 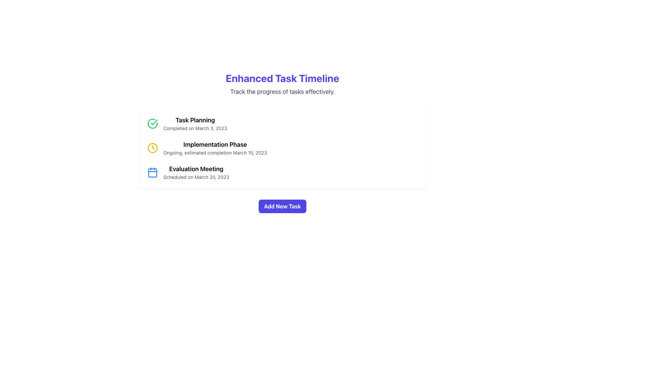 What do you see at coordinates (195, 128) in the screenshot?
I see `text fragment that says 'Completed on March 3, 2023', which is styled in a small gray font and located below the 'Task Planning' headline` at bounding box center [195, 128].